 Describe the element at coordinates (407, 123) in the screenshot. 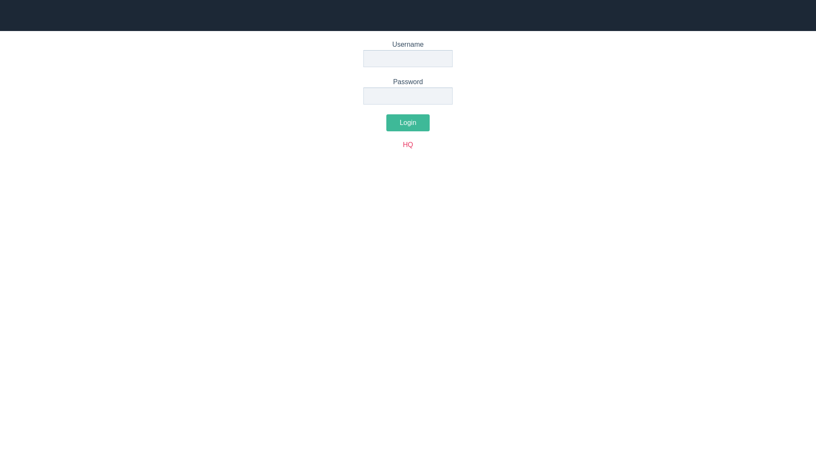

I see `'Login'` at that location.